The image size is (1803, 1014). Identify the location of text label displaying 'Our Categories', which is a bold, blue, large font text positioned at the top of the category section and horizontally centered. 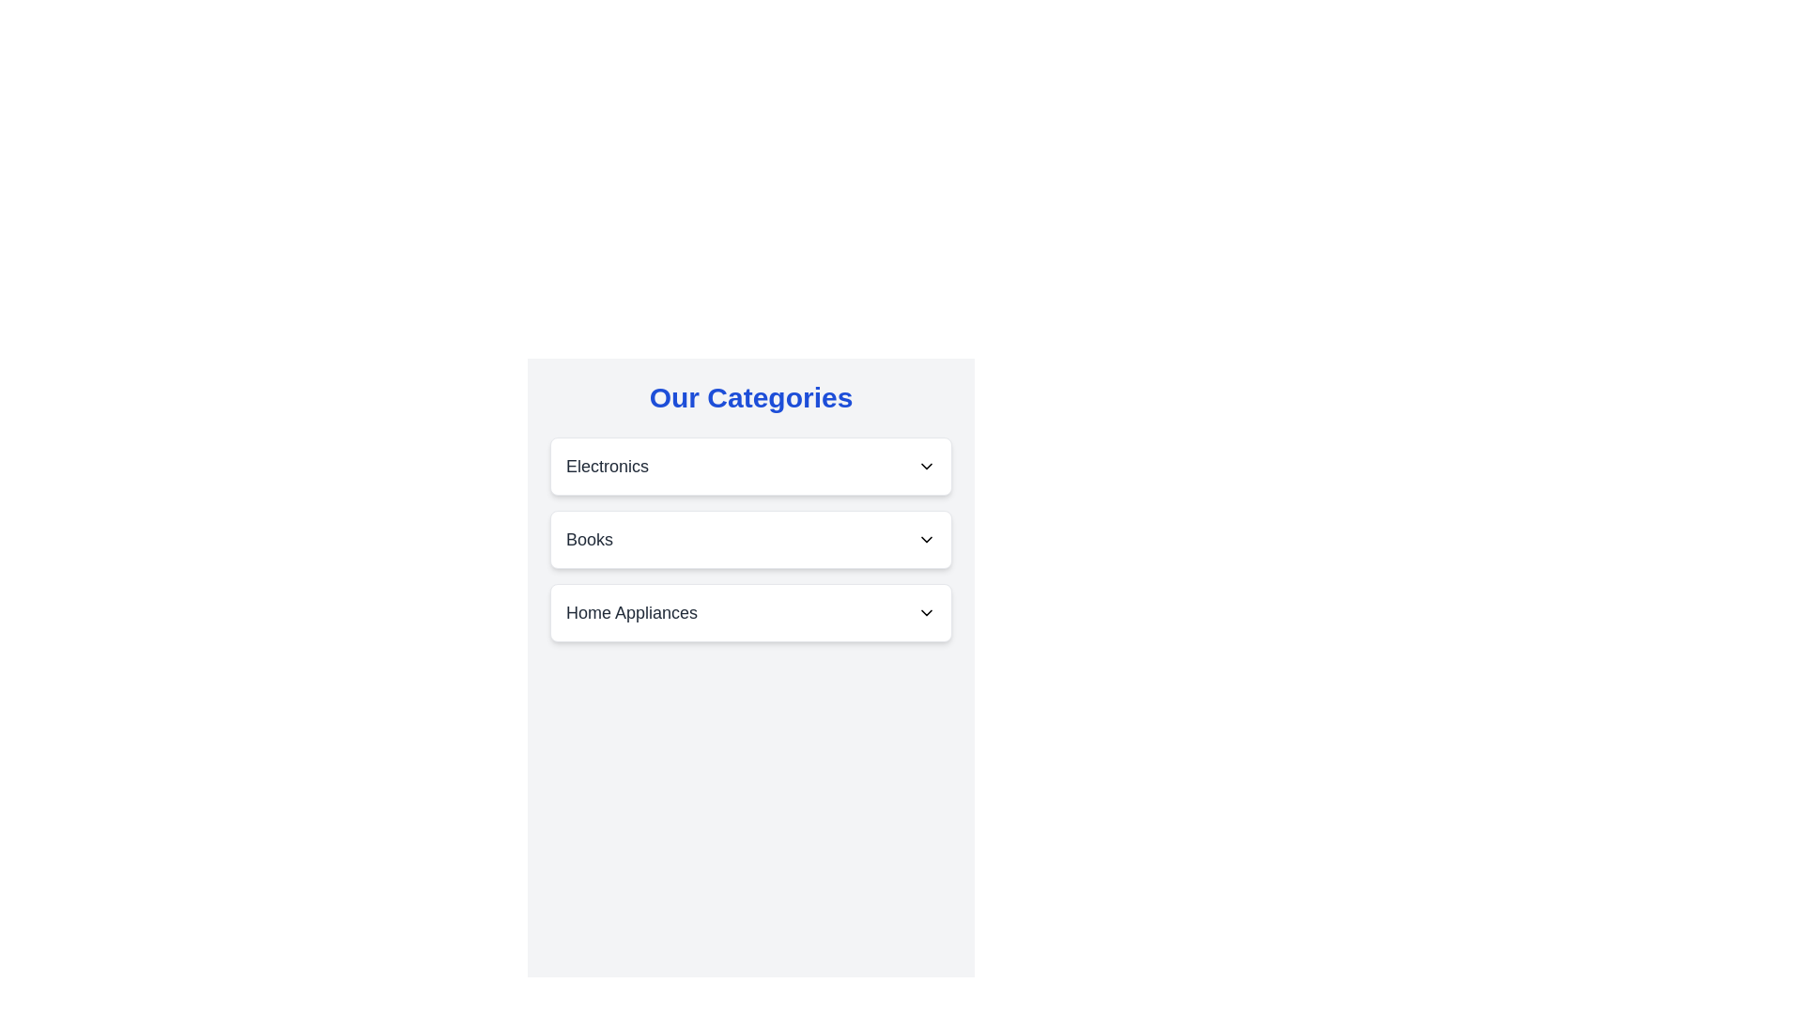
(751, 397).